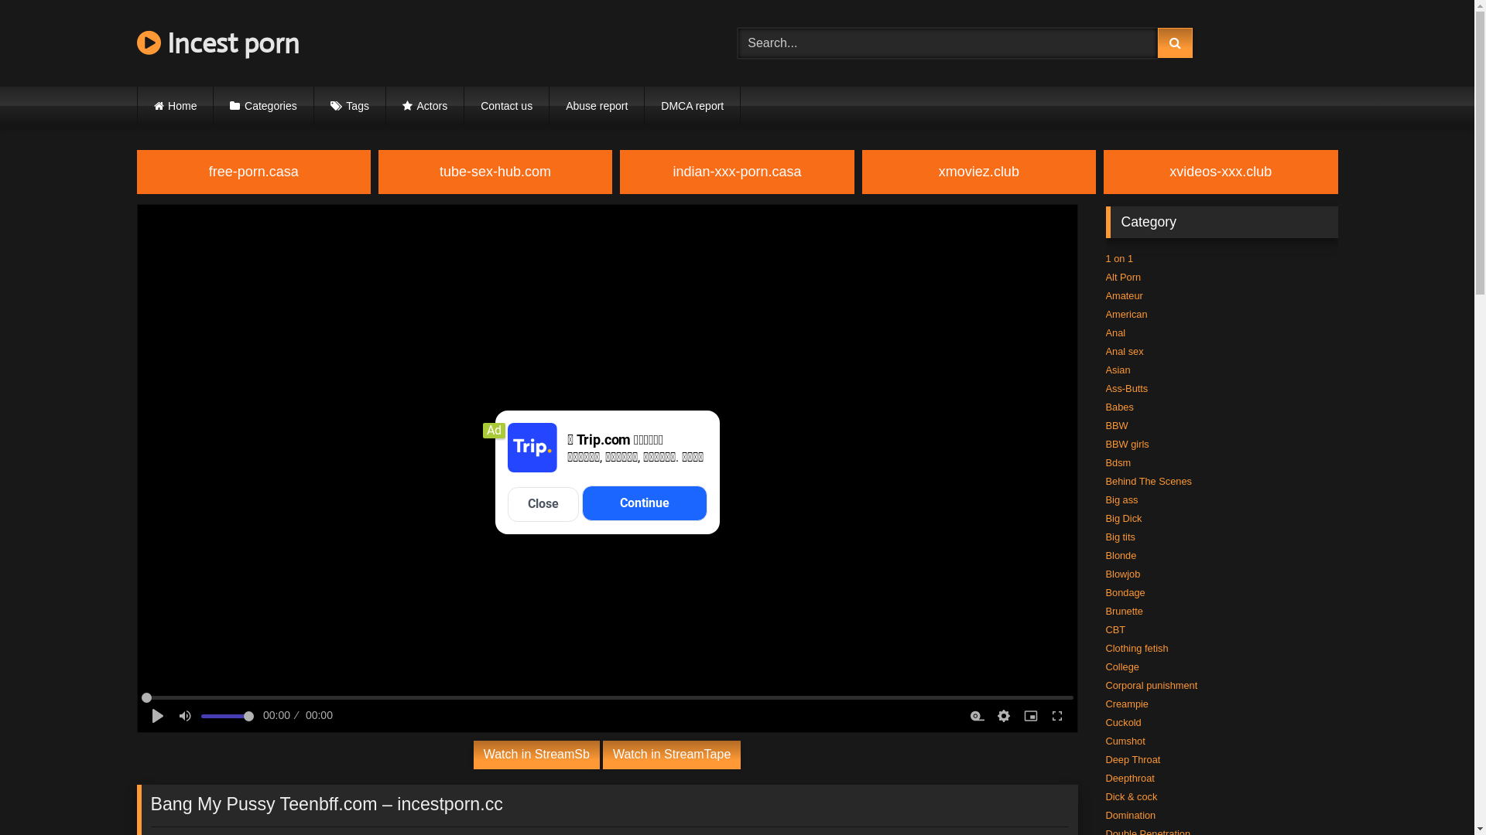 The image size is (1486, 835). What do you see at coordinates (1124, 610) in the screenshot?
I see `'Brunette'` at bounding box center [1124, 610].